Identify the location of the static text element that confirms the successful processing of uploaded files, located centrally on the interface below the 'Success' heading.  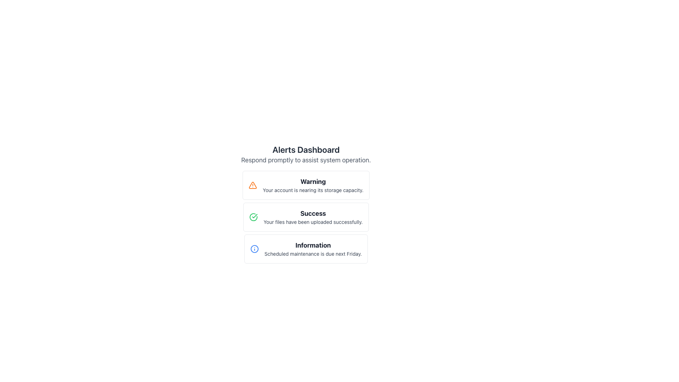
(313, 222).